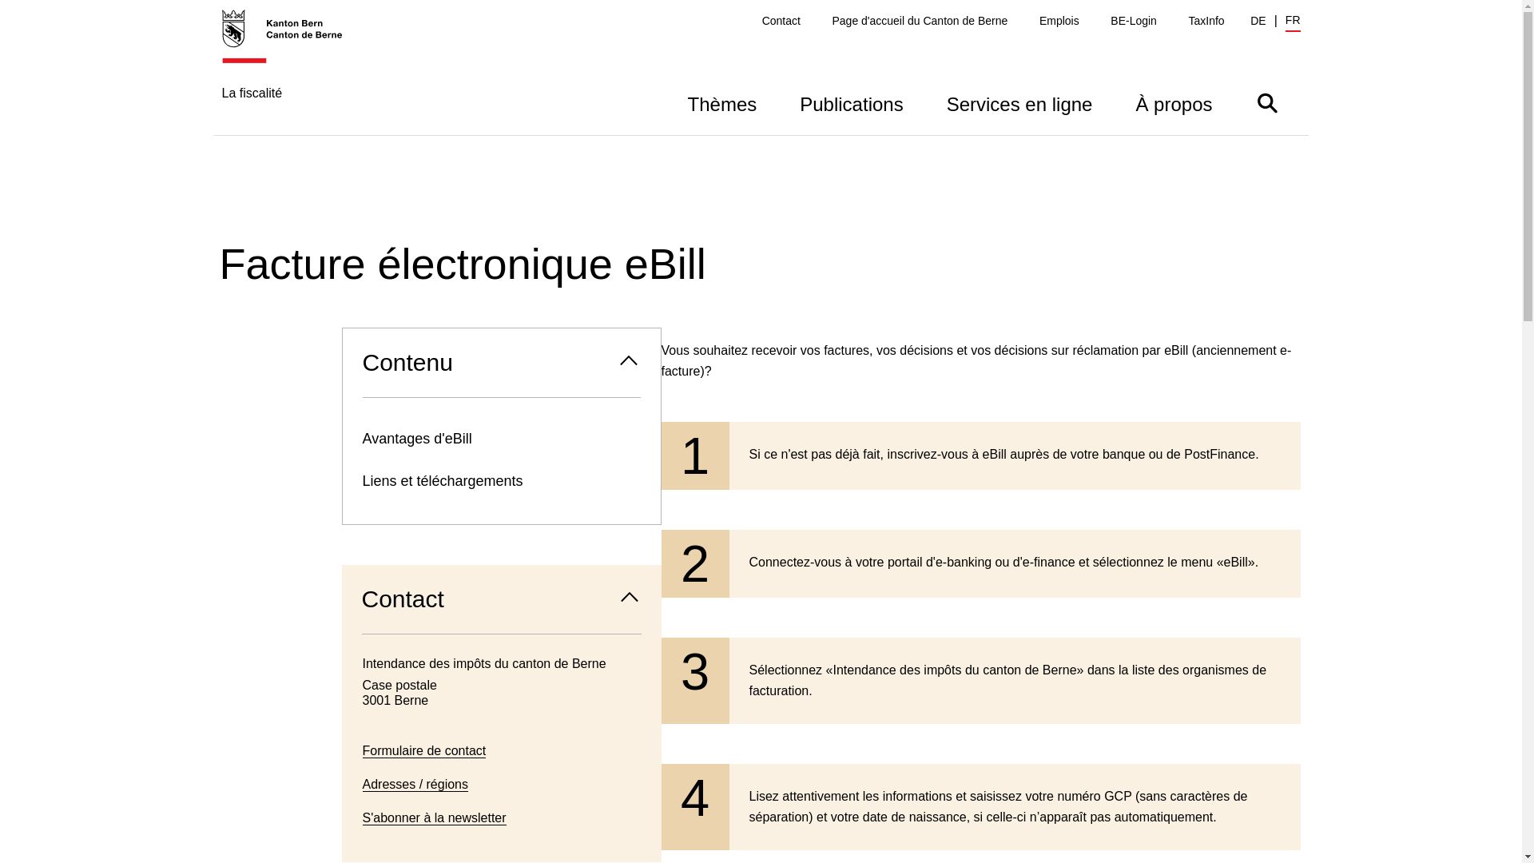 This screenshot has width=1534, height=863. I want to click on 'TaxInfo', so click(1206, 21).